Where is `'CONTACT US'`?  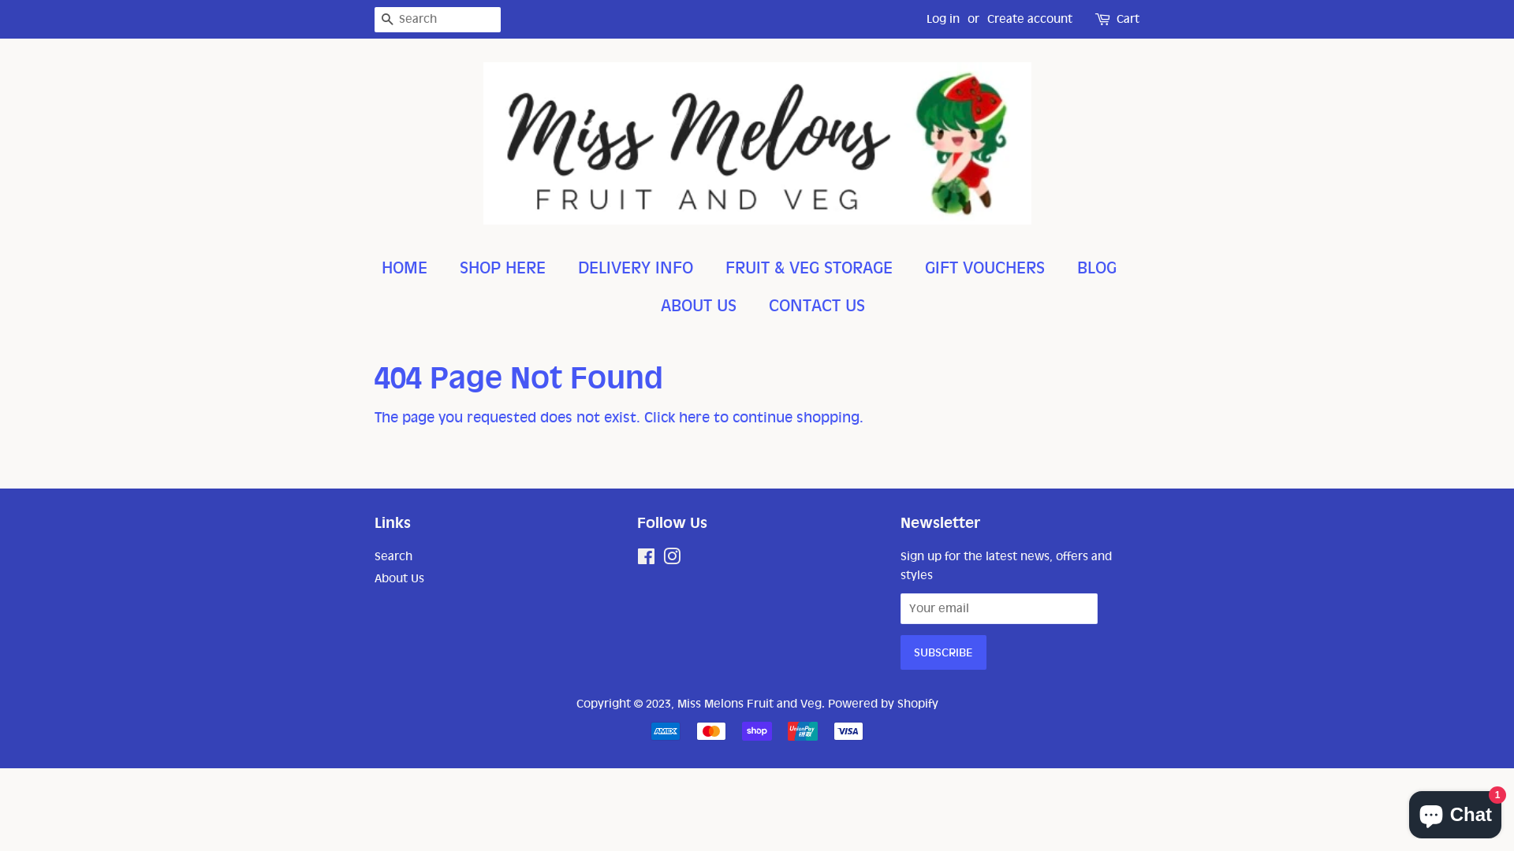
'CONTACT US' is located at coordinates (757, 306).